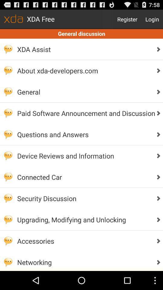 This screenshot has width=163, height=290. I want to click on the icon next to the register, so click(152, 19).